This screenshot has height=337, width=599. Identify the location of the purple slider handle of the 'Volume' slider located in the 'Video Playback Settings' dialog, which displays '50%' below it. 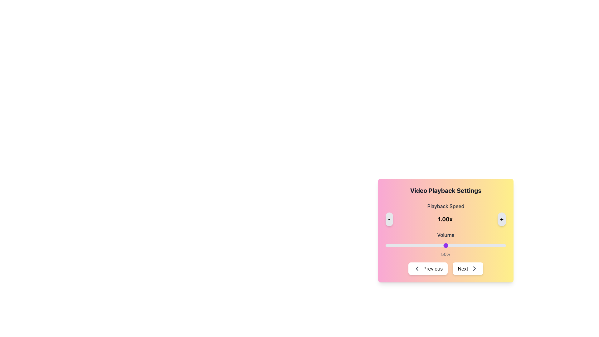
(446, 244).